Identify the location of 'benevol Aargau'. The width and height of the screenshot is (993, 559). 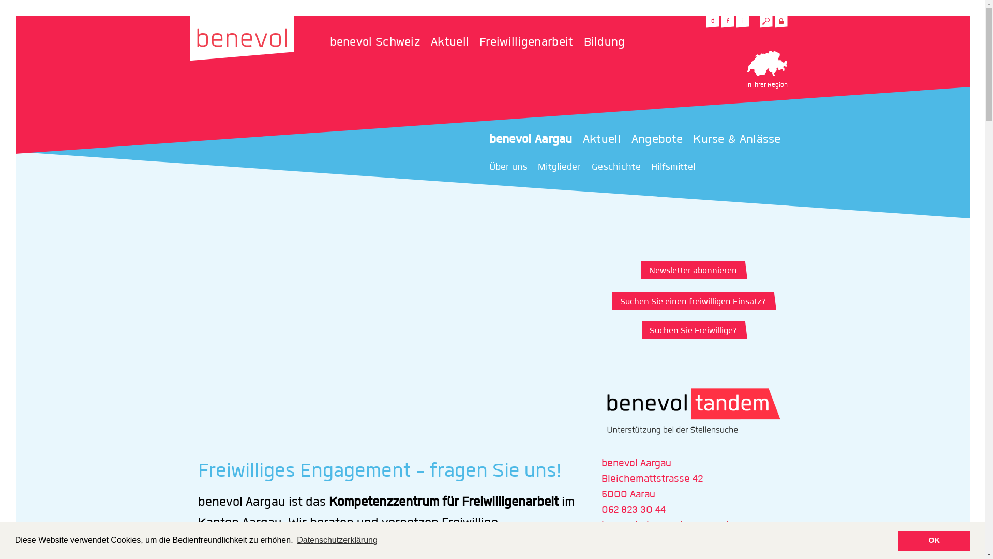
(536, 140).